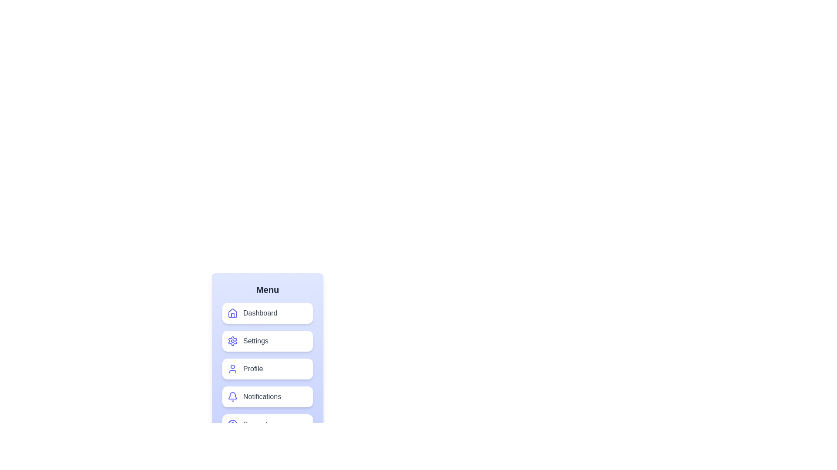  Describe the element at coordinates (267, 340) in the screenshot. I see `the 'Settings' navigation button in the vertical menu to change its appearance` at that location.